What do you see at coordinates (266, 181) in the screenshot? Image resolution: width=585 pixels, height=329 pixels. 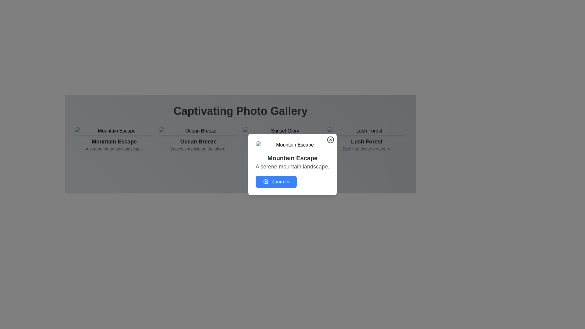 I see `the circular SVG graphic element that resembles part of a magnifying glass interface` at bounding box center [266, 181].